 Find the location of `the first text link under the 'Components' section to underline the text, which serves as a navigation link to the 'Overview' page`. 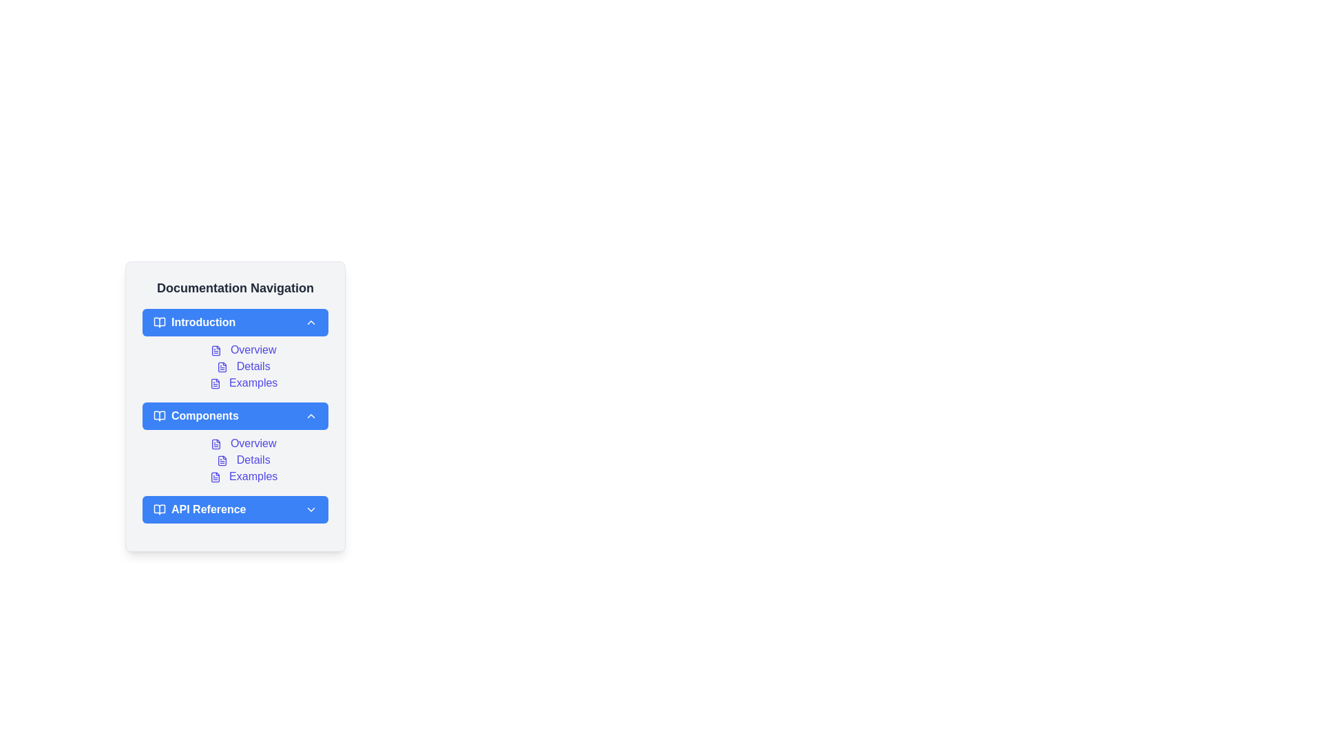

the first text link under the 'Components' section to underline the text, which serves as a navigation link to the 'Overview' page is located at coordinates (244, 443).